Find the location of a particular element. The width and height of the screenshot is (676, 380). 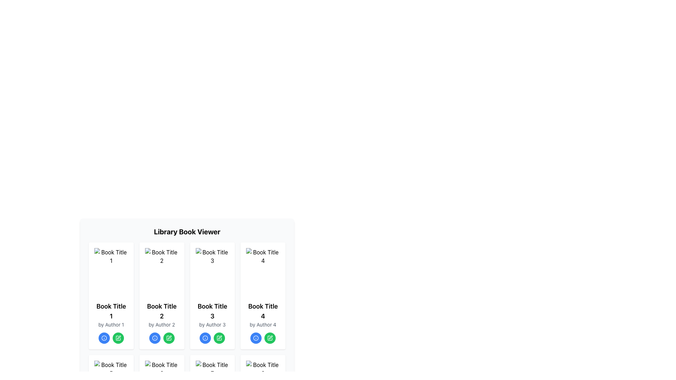

the green button in the Interactive button group below the text 'by Author 2' within the card displaying 'Book Title 2' is located at coordinates (161, 337).